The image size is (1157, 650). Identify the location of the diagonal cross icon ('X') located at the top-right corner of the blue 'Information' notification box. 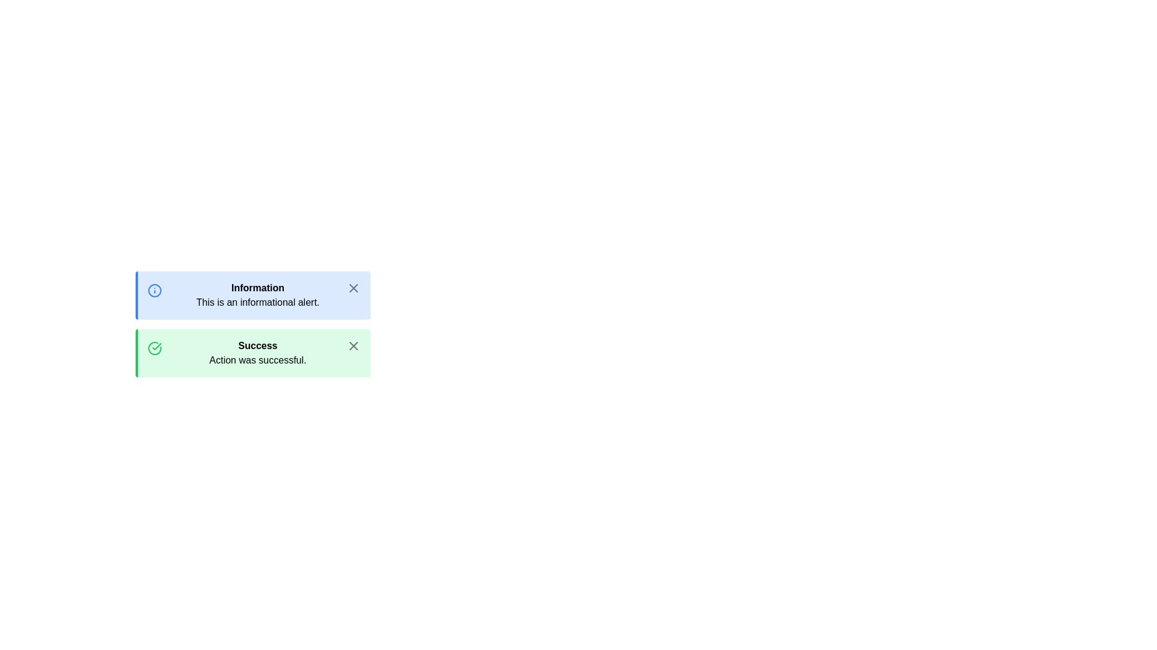
(353, 288).